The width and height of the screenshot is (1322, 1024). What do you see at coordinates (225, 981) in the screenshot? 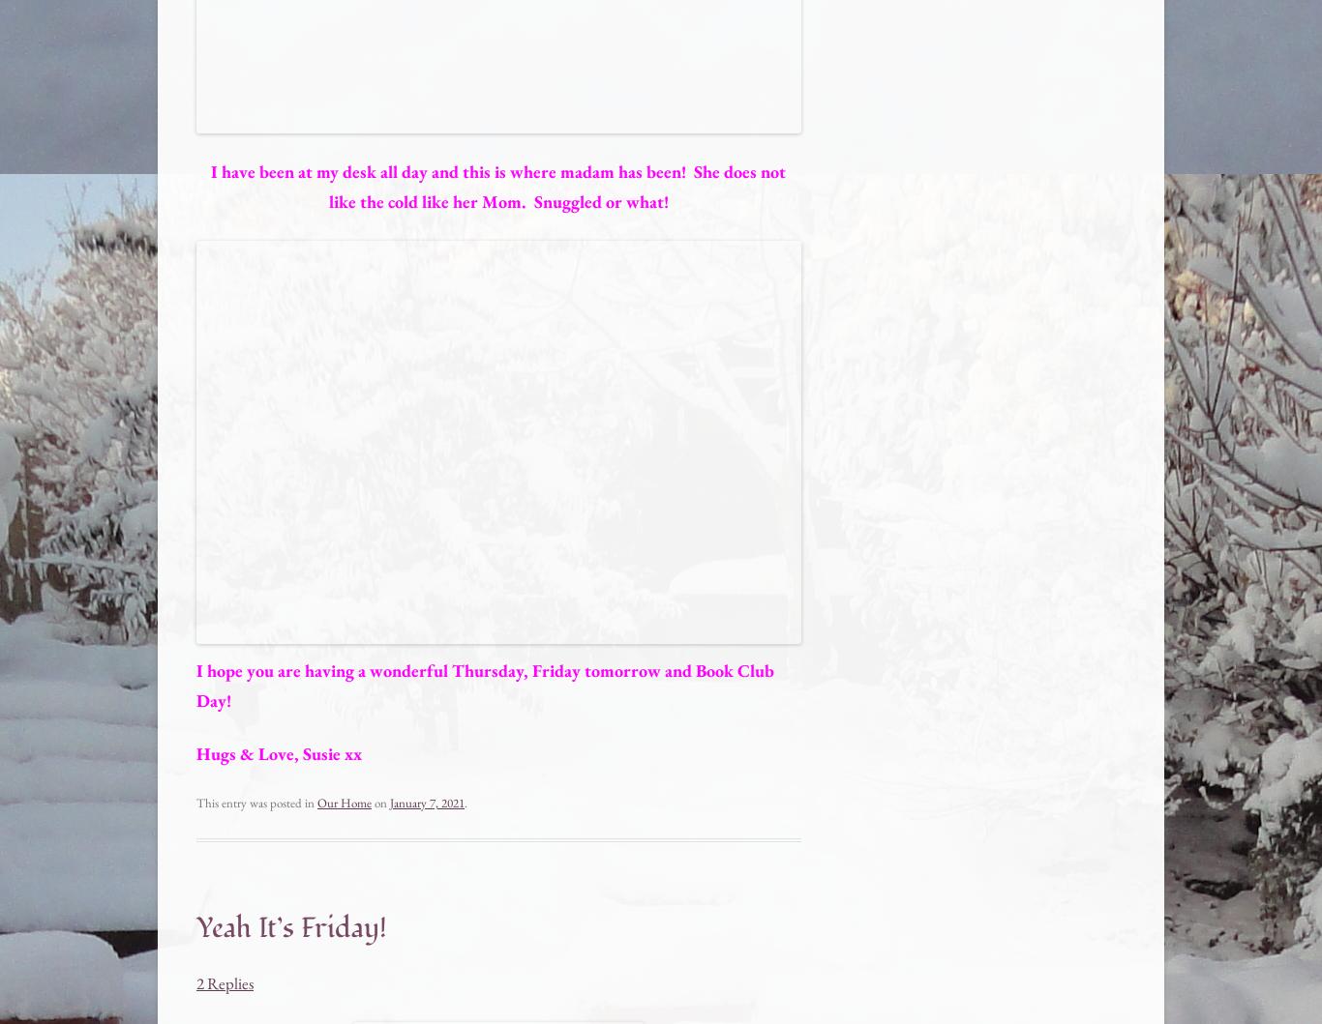
I see `'2 Replies'` at bounding box center [225, 981].